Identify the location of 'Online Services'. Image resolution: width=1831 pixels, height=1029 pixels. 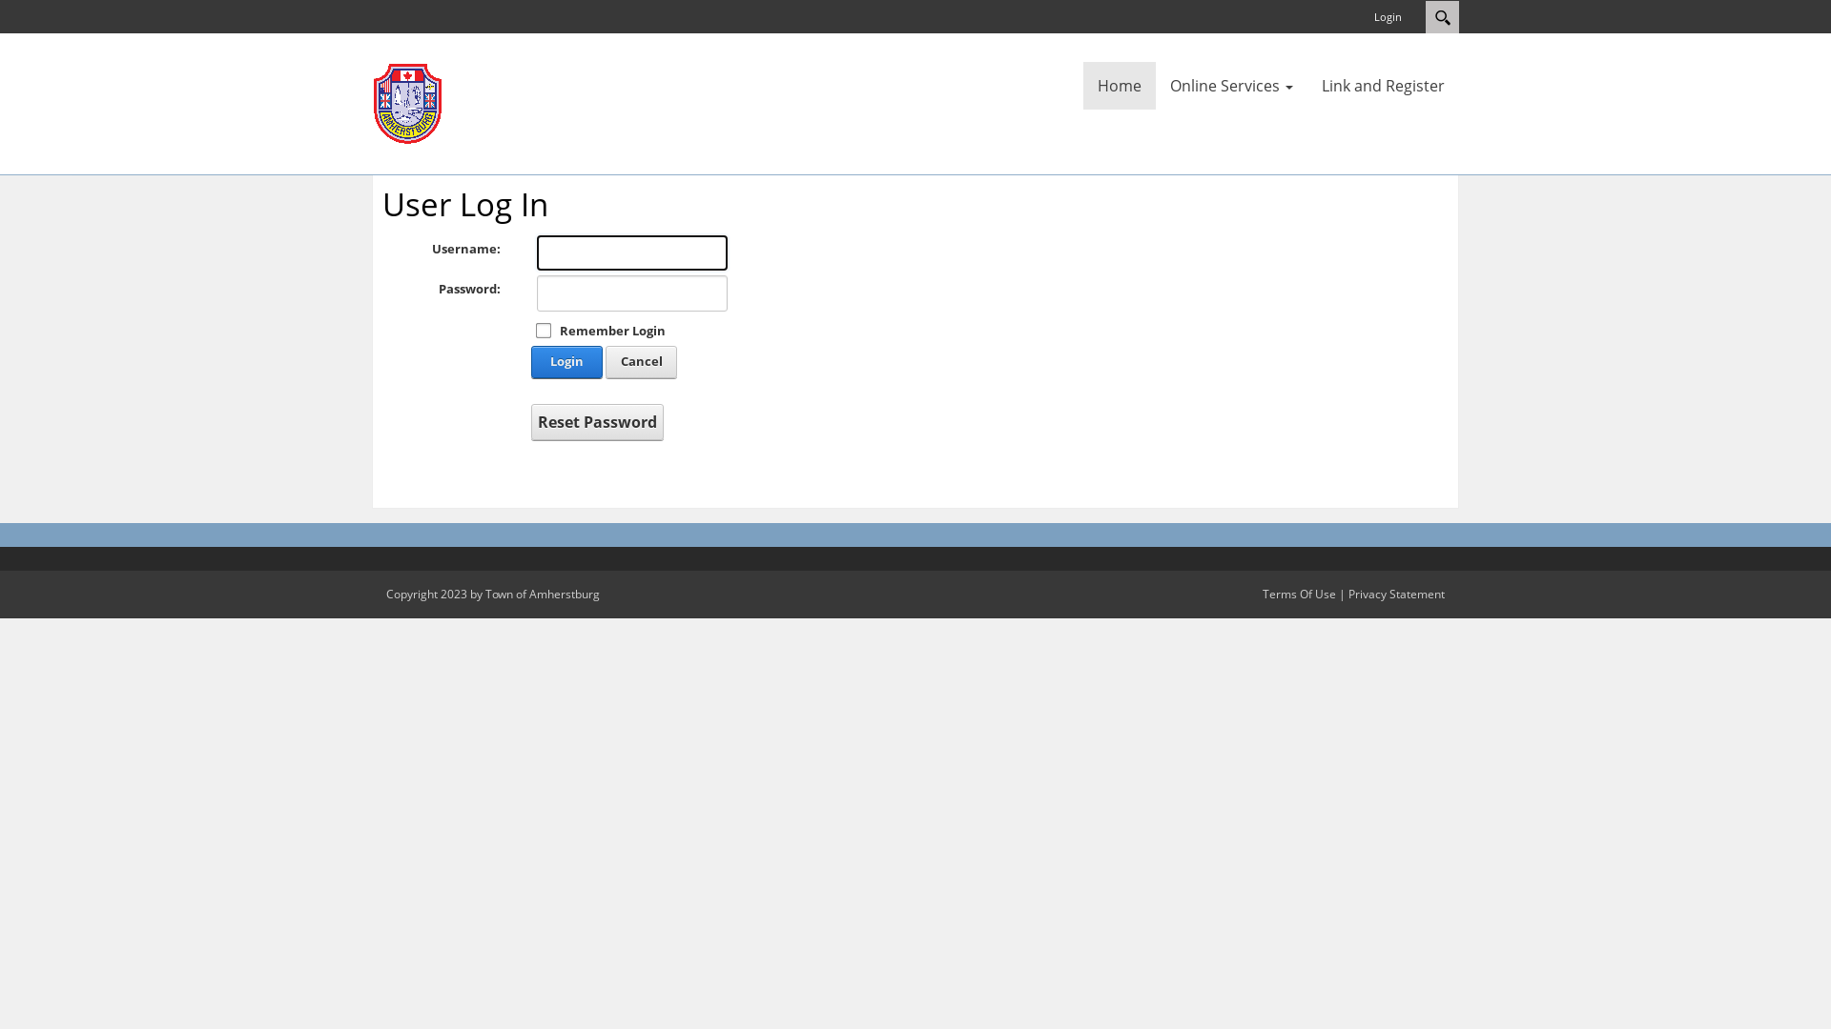
(1231, 84).